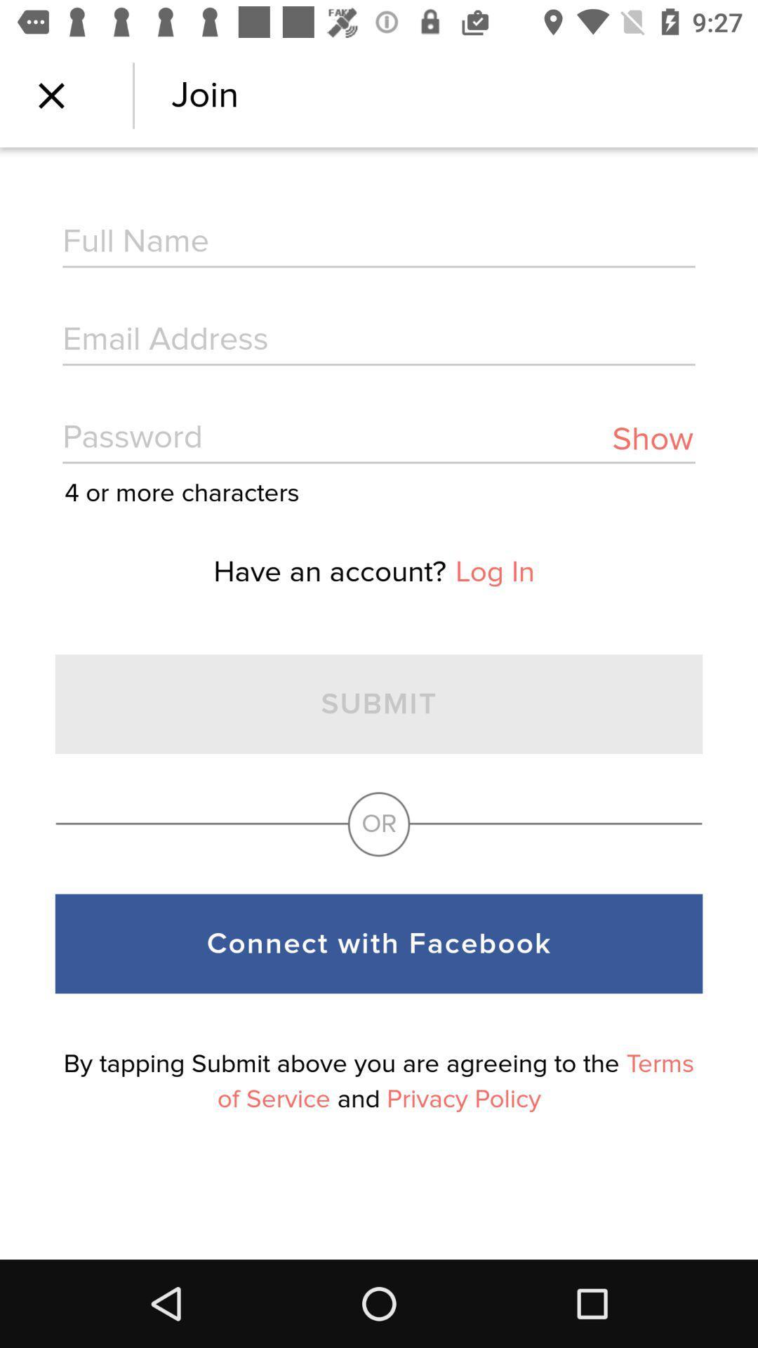  I want to click on the log in item, so click(494, 572).